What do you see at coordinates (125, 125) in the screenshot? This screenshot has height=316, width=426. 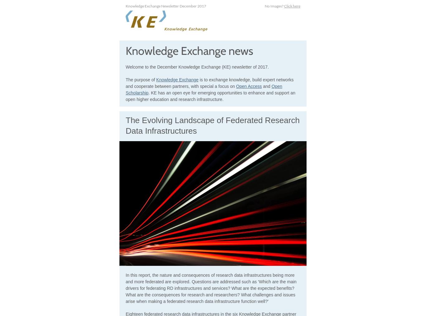 I see `'The Evolving Landscape of Federated Research Data Infrastructures'` at bounding box center [125, 125].